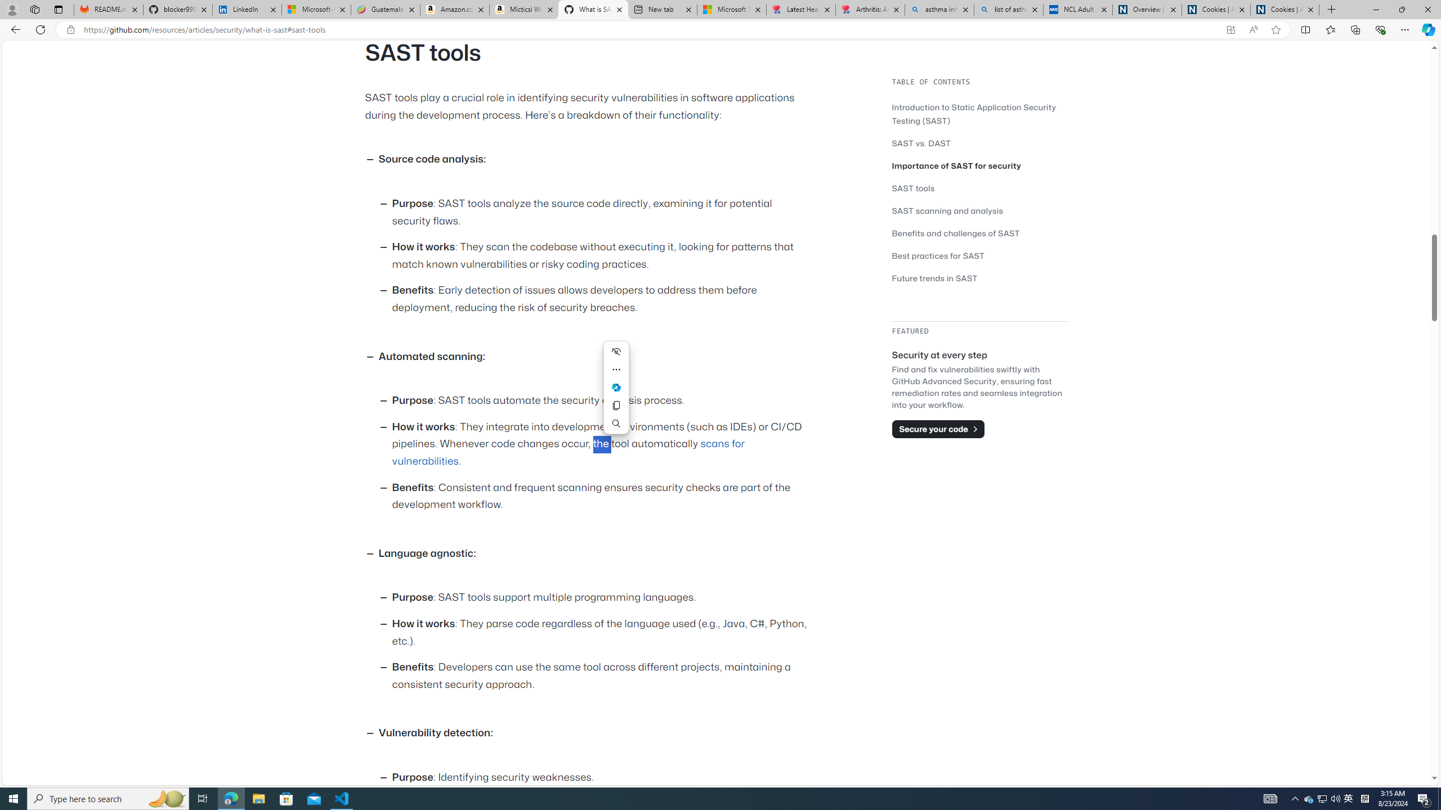 The image size is (1441, 810). I want to click on 'SAST tools', so click(979, 187).